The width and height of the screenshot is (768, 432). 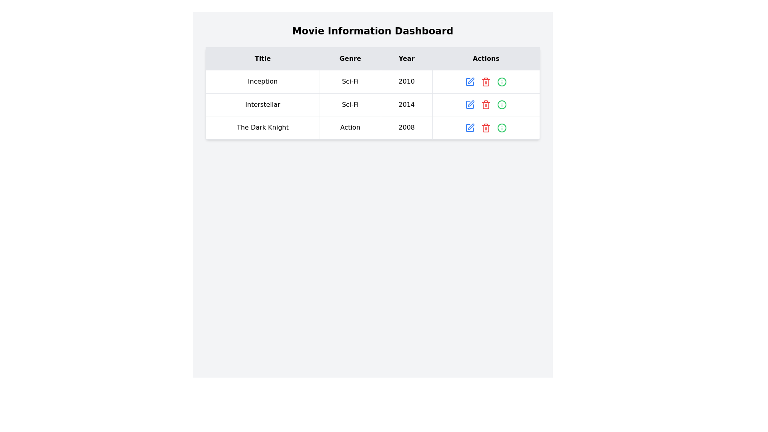 I want to click on the 'Actions' header, which is a rectangular text-based header labeled with bold black text and a light gray background, positioned as the fourth header in a table structure, so click(x=486, y=58).